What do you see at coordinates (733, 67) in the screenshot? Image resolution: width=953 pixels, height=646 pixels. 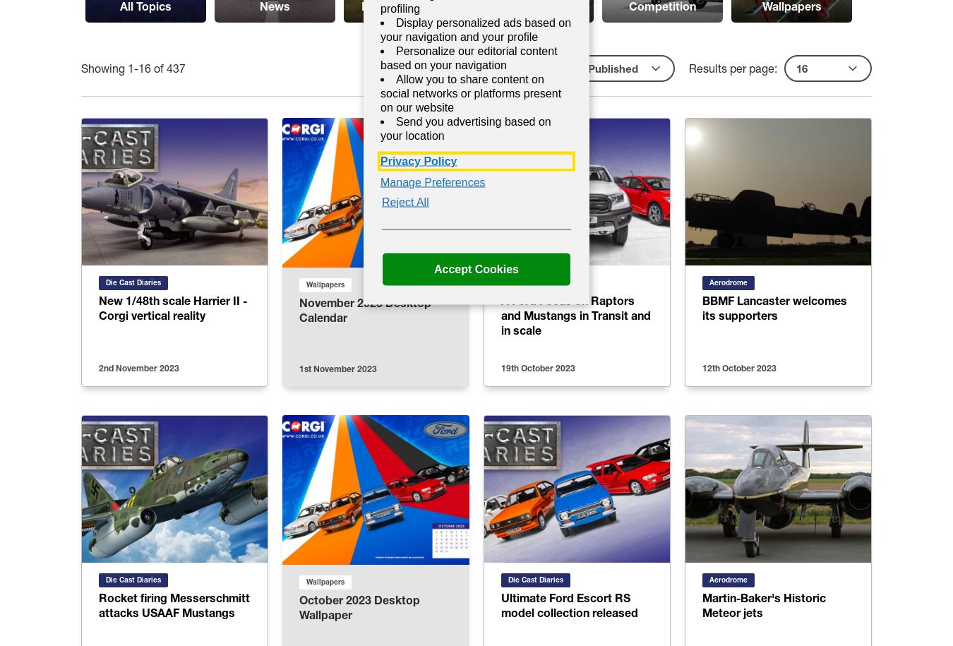 I see `'Results per page:'` at bounding box center [733, 67].